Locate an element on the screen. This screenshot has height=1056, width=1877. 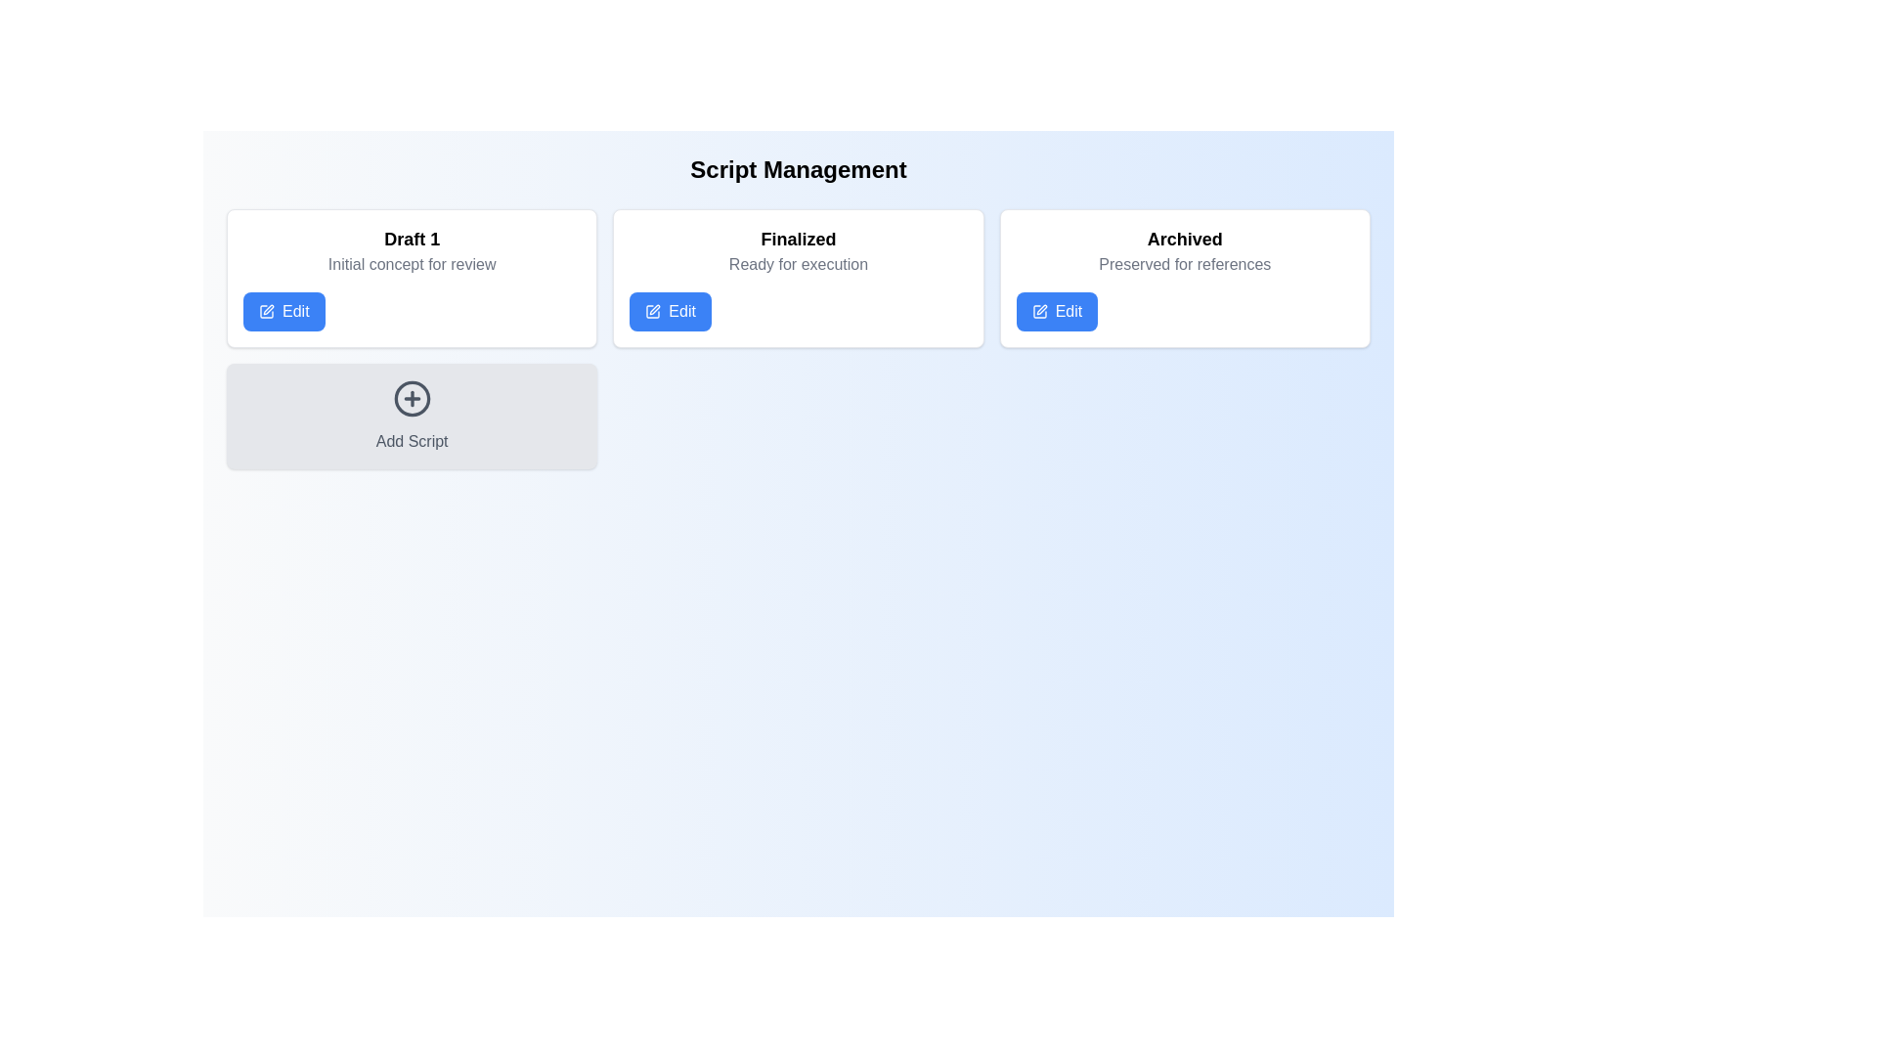
the static text that provides a description for the 'Archived' section to trigger any possible tooltip interactions is located at coordinates (1184, 264).